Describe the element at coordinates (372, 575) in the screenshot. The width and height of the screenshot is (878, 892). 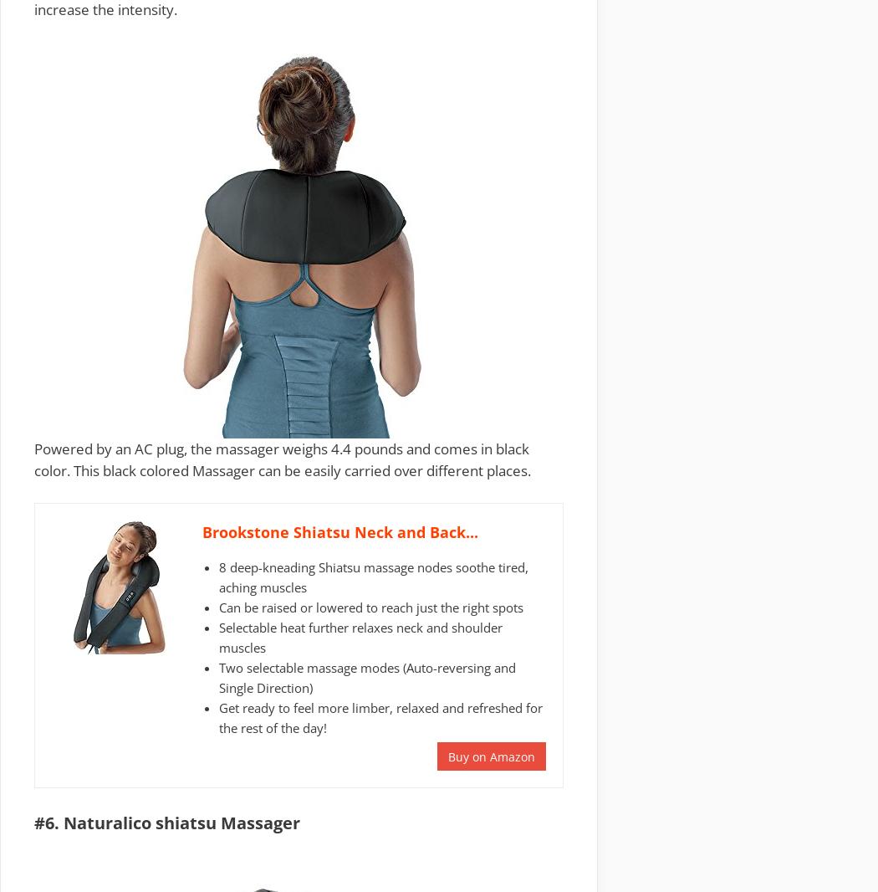
I see `'8 deep-kneading Shiatsu massage nodes soothe tired, aching muscles'` at that location.